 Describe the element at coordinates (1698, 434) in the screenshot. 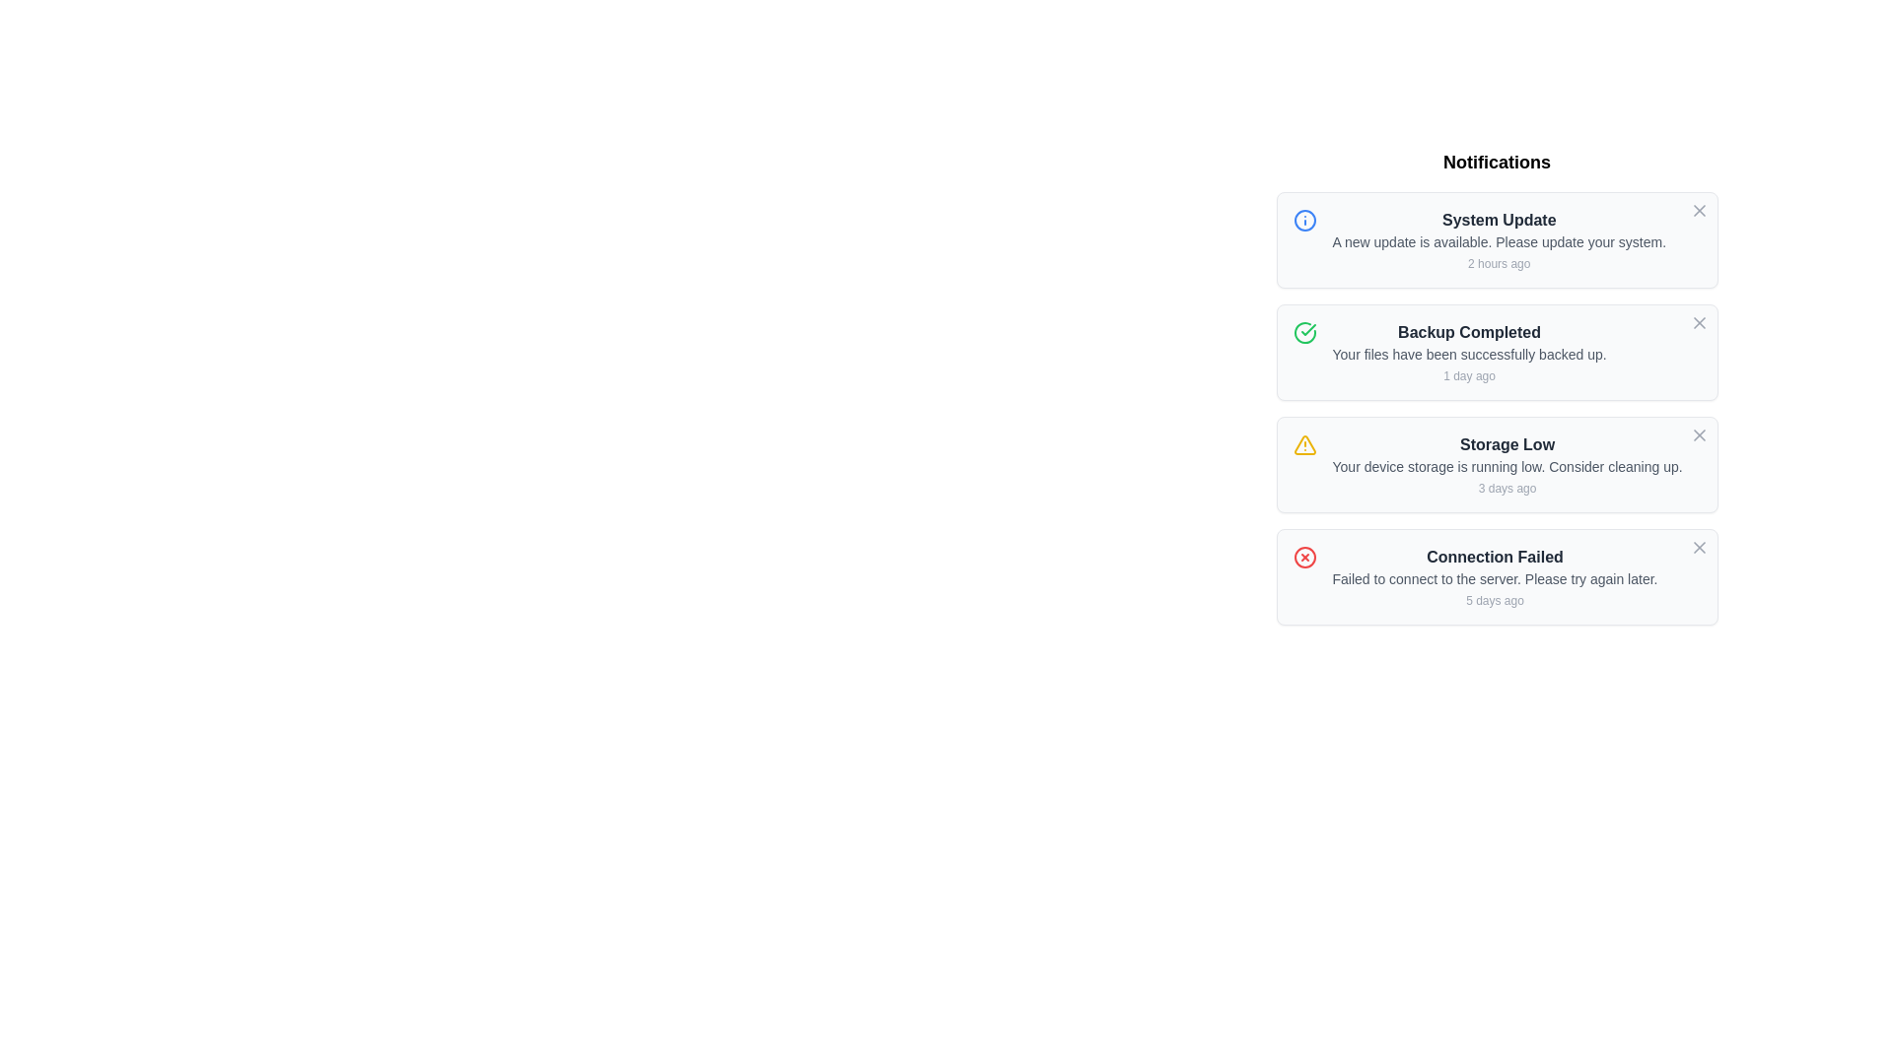

I see `the 'X' icon button in the top-right corner of the 'Storage Low' notification card to change its color` at that location.